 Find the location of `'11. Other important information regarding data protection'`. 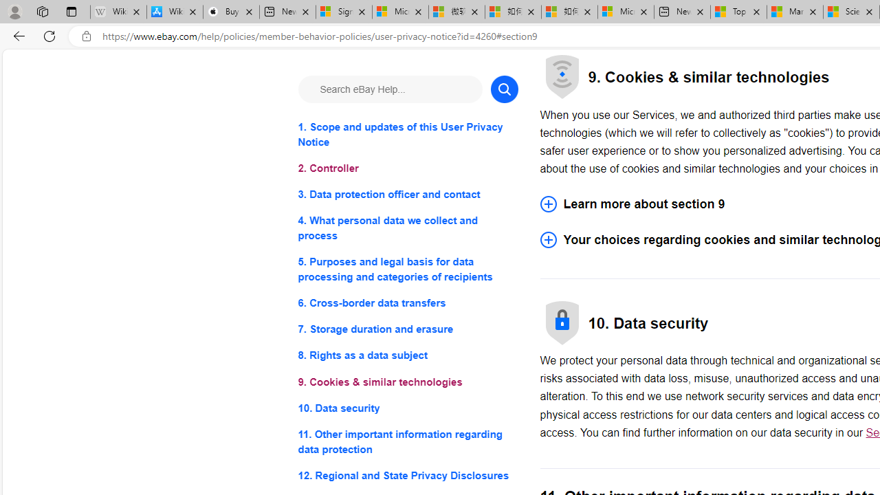

'11. Other important information regarding data protection' is located at coordinates (407, 441).